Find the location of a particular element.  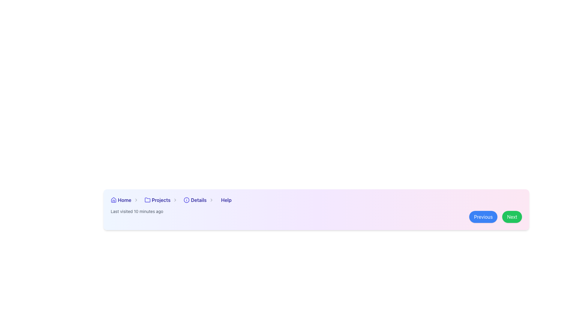

the text link labeled 'Details' in indigo that changes to pink on hover, located on the navigation bar after the information icon and before 'Help' is located at coordinates (199, 200).